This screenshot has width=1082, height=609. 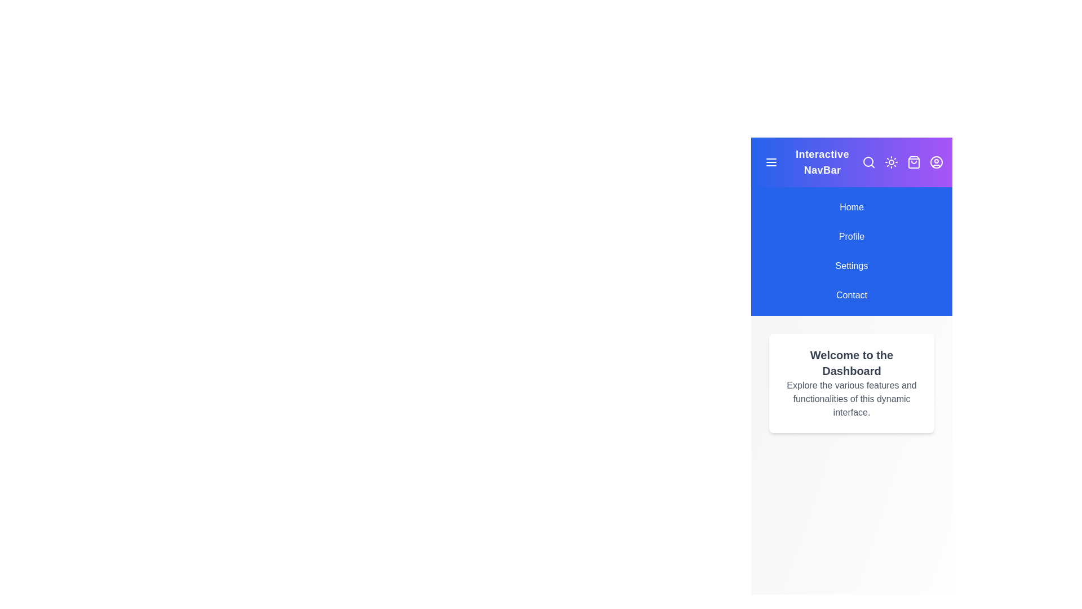 What do you see at coordinates (770, 162) in the screenshot?
I see `the toggle menu button to toggle the menu visibility` at bounding box center [770, 162].